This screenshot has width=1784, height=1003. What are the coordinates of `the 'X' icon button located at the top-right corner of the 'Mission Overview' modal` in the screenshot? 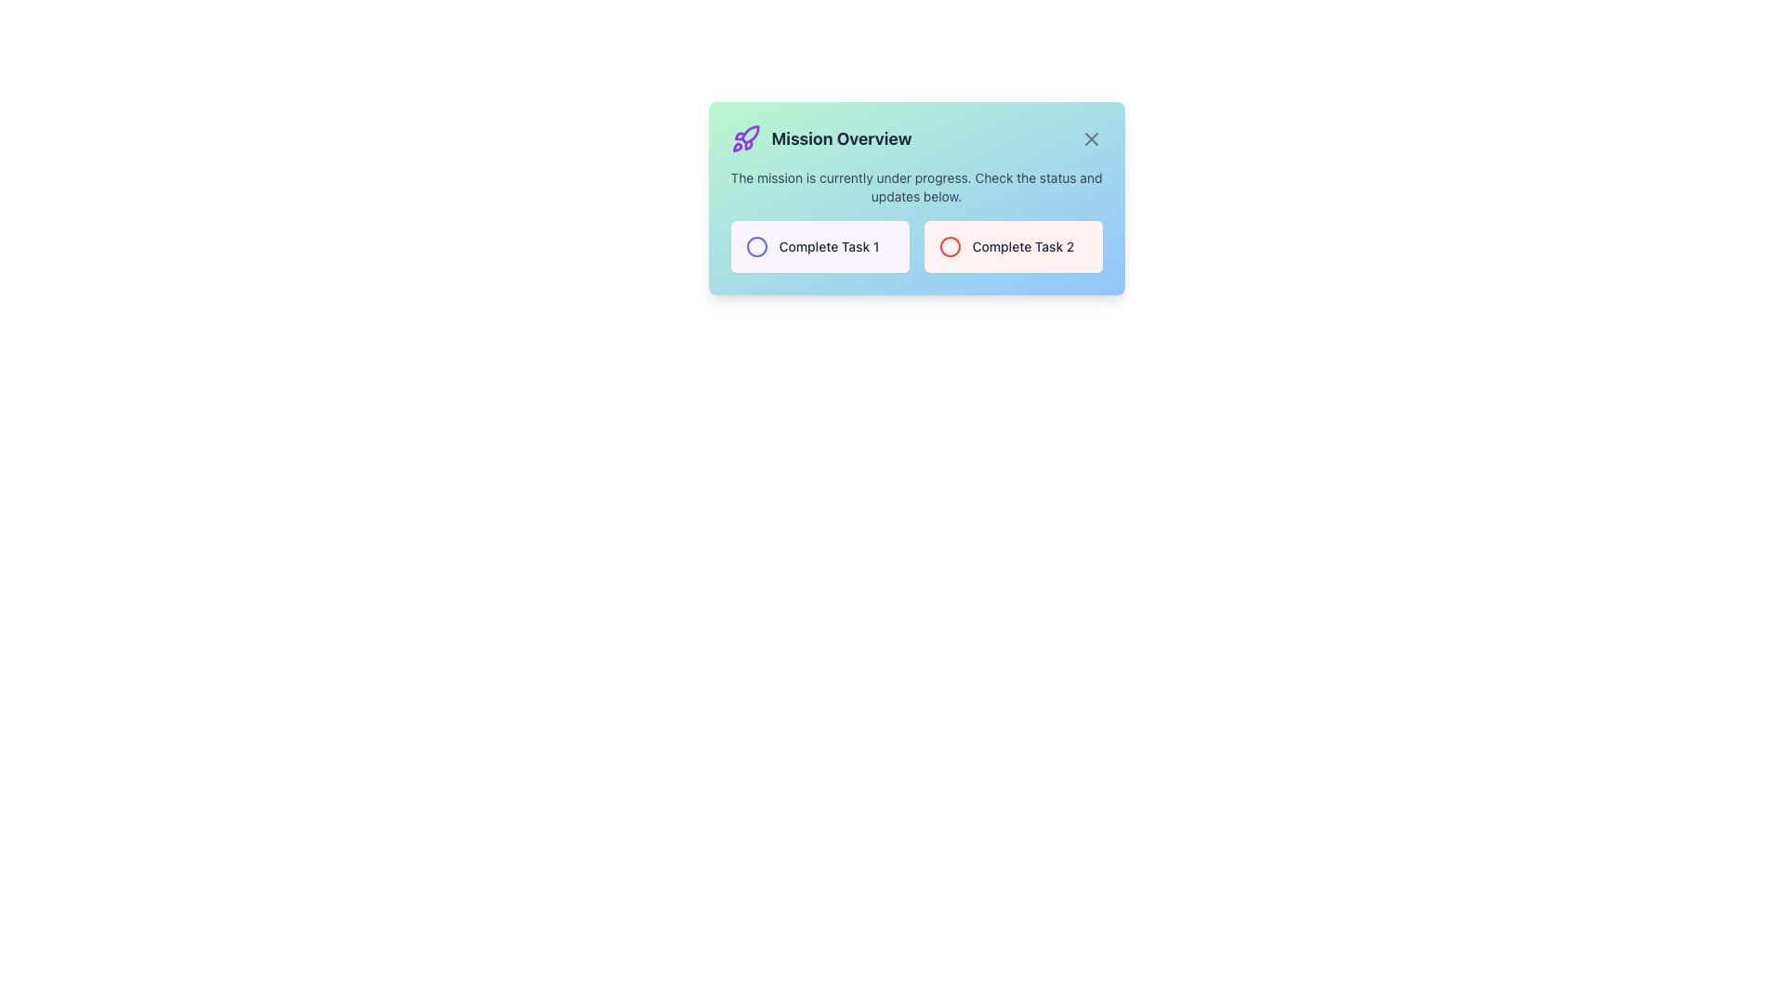 It's located at (1091, 138).